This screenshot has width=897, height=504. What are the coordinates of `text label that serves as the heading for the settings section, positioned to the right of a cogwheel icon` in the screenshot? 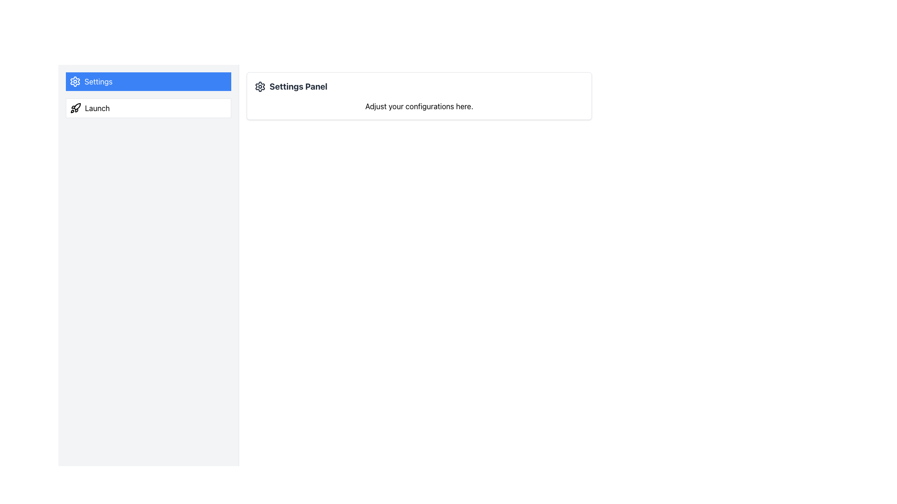 It's located at (298, 86).